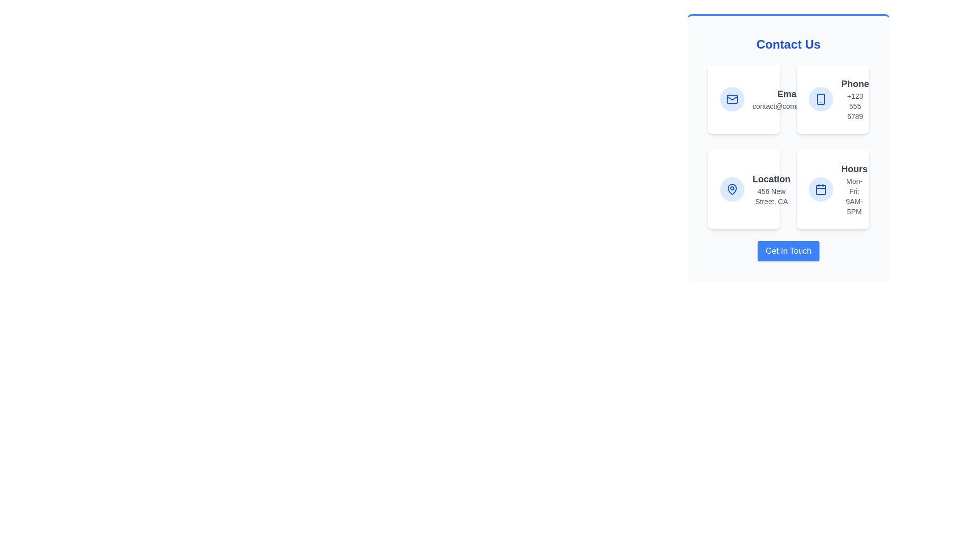 This screenshot has height=547, width=973. What do you see at coordinates (854, 99) in the screenshot?
I see `the 'Phone' label displaying the phone number '+123 555 6789' to initiate a call` at bounding box center [854, 99].